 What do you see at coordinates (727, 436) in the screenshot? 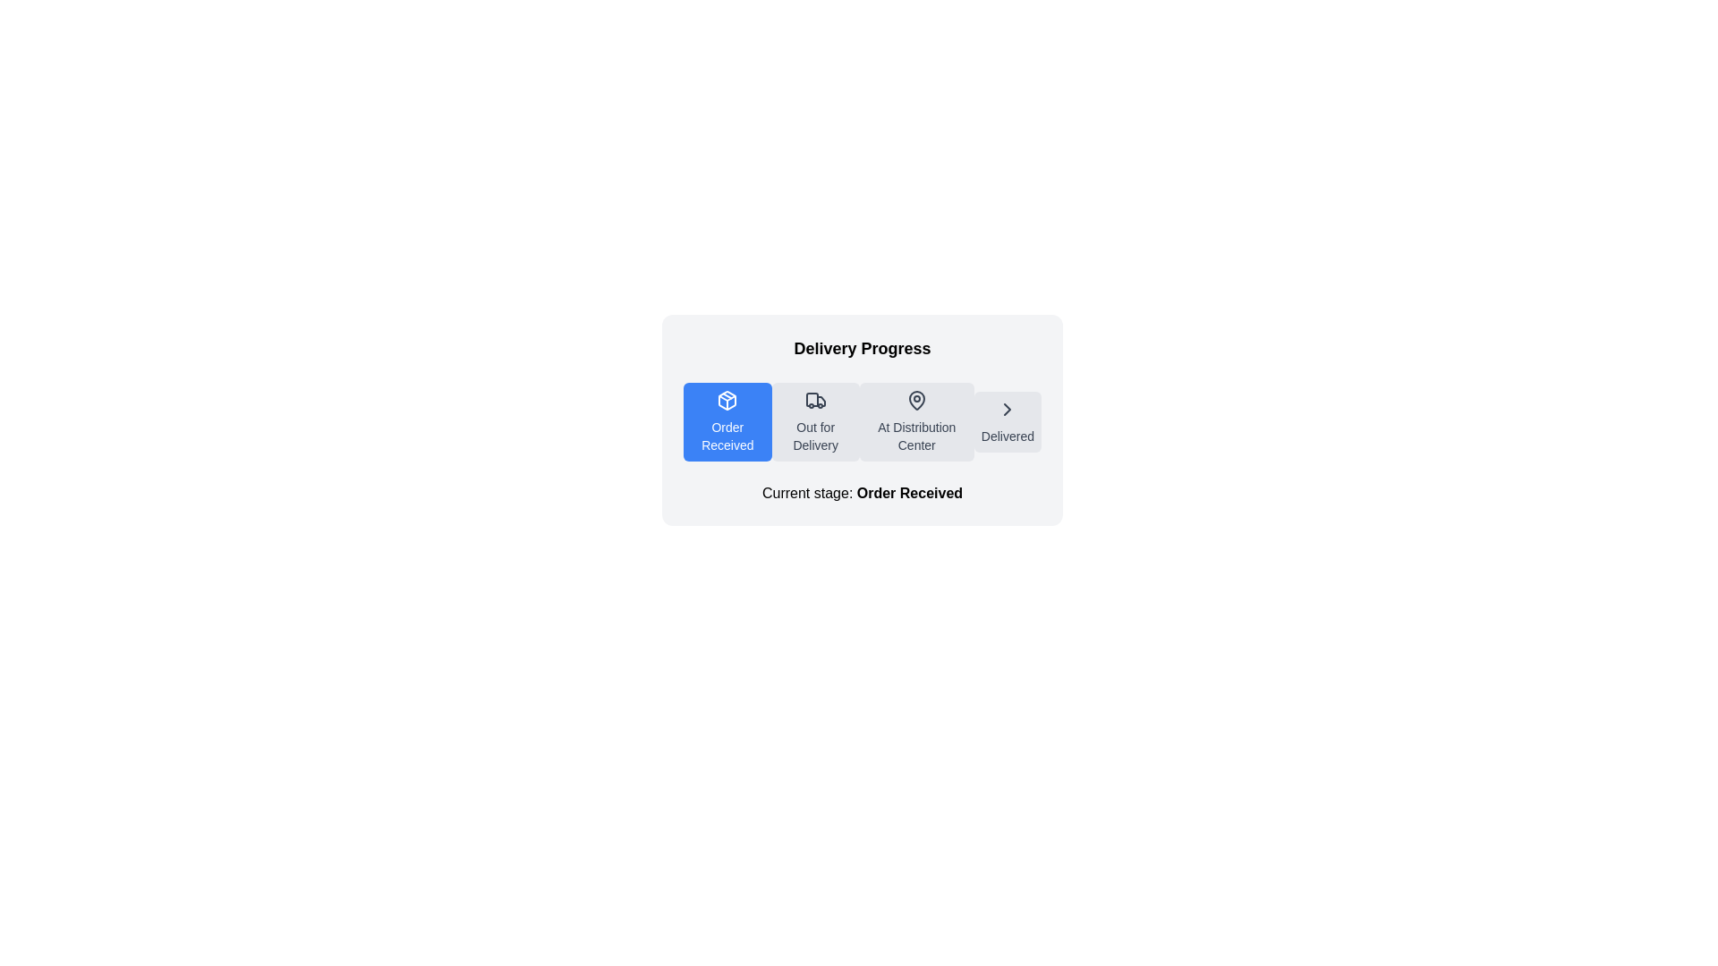
I see `the text label indicating that an order has been received, which is positioned under the package icon in the horizontal progress tracker` at bounding box center [727, 436].